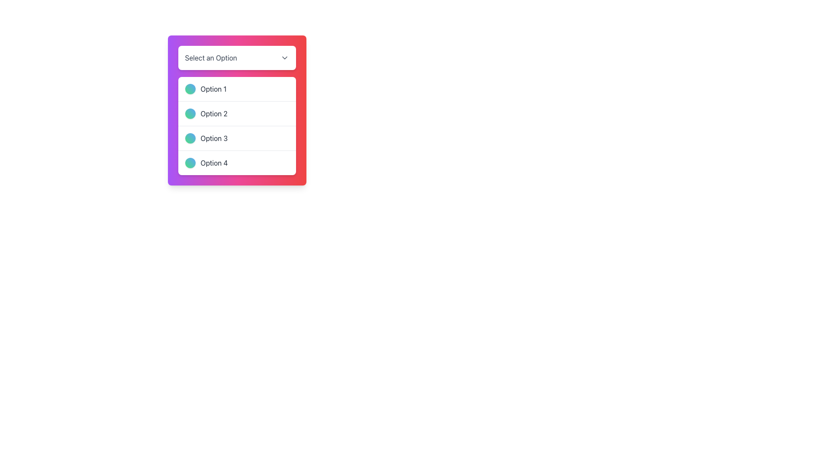  I want to click on the text label reading 'Option 3' in the vertical list, which is styled to appear selectable and is located between 'Option 2' and 'Option 4', adjacent to a circular gradient icon, so click(214, 138).